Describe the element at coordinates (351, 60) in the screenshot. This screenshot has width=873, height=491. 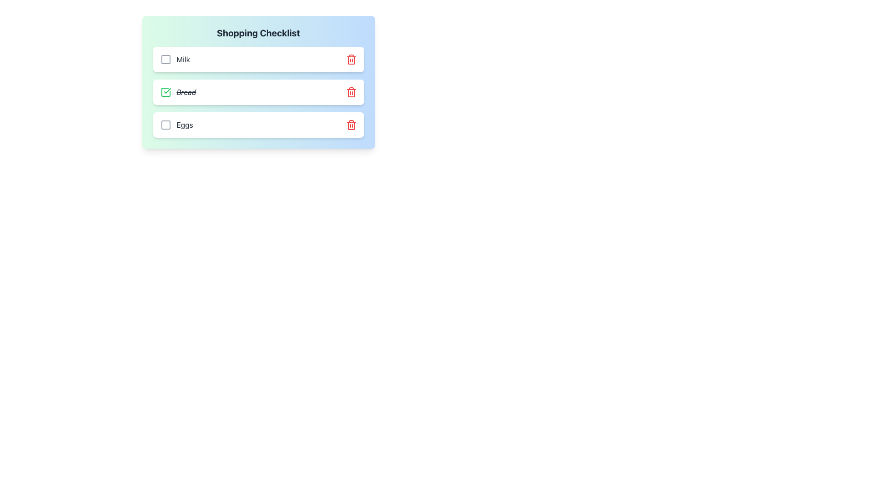
I see `the delete button icon associated with the 'Milk' item in the 'Shopping Checklist' for keyboard interactions` at that location.